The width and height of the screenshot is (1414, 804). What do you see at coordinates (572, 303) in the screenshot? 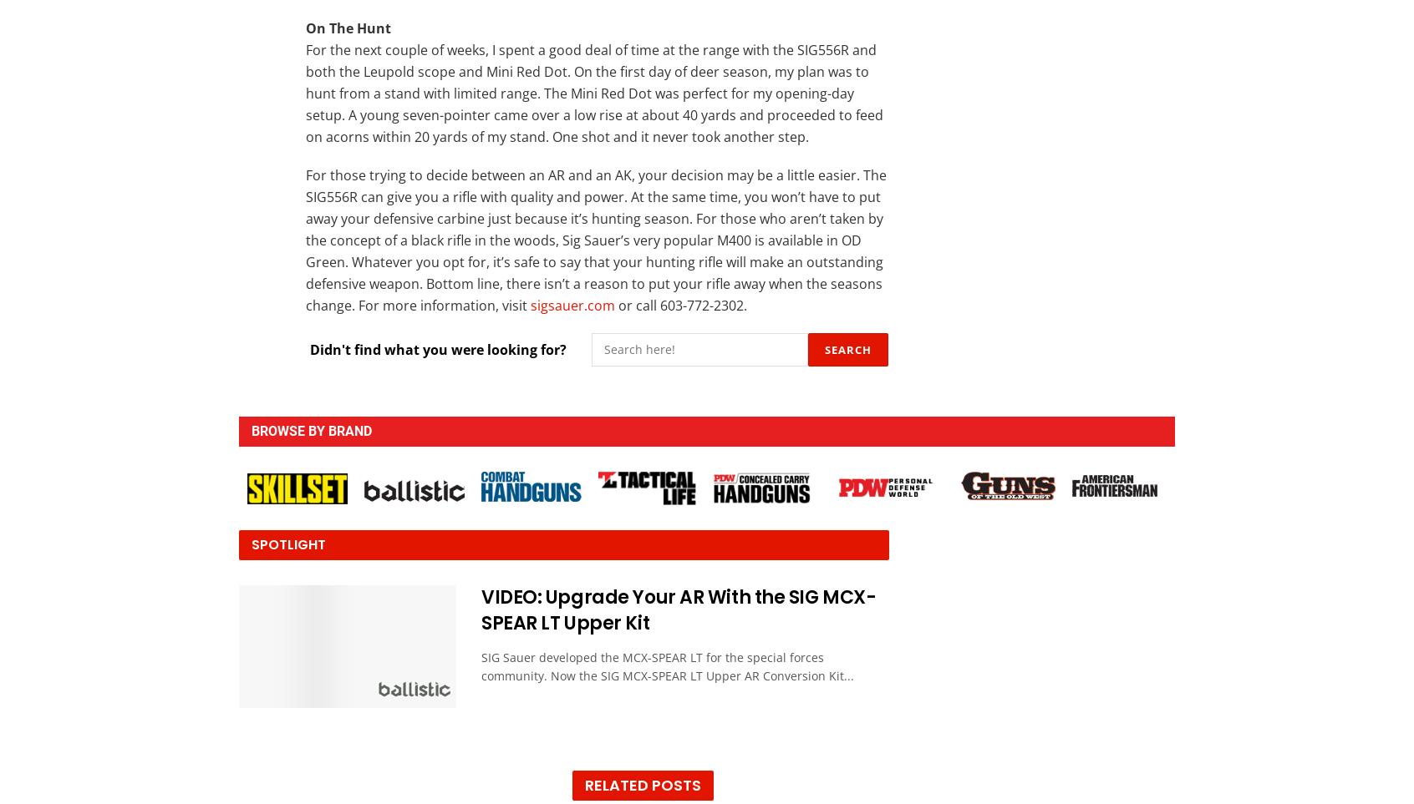
I see `'sigsauer.com'` at bounding box center [572, 303].